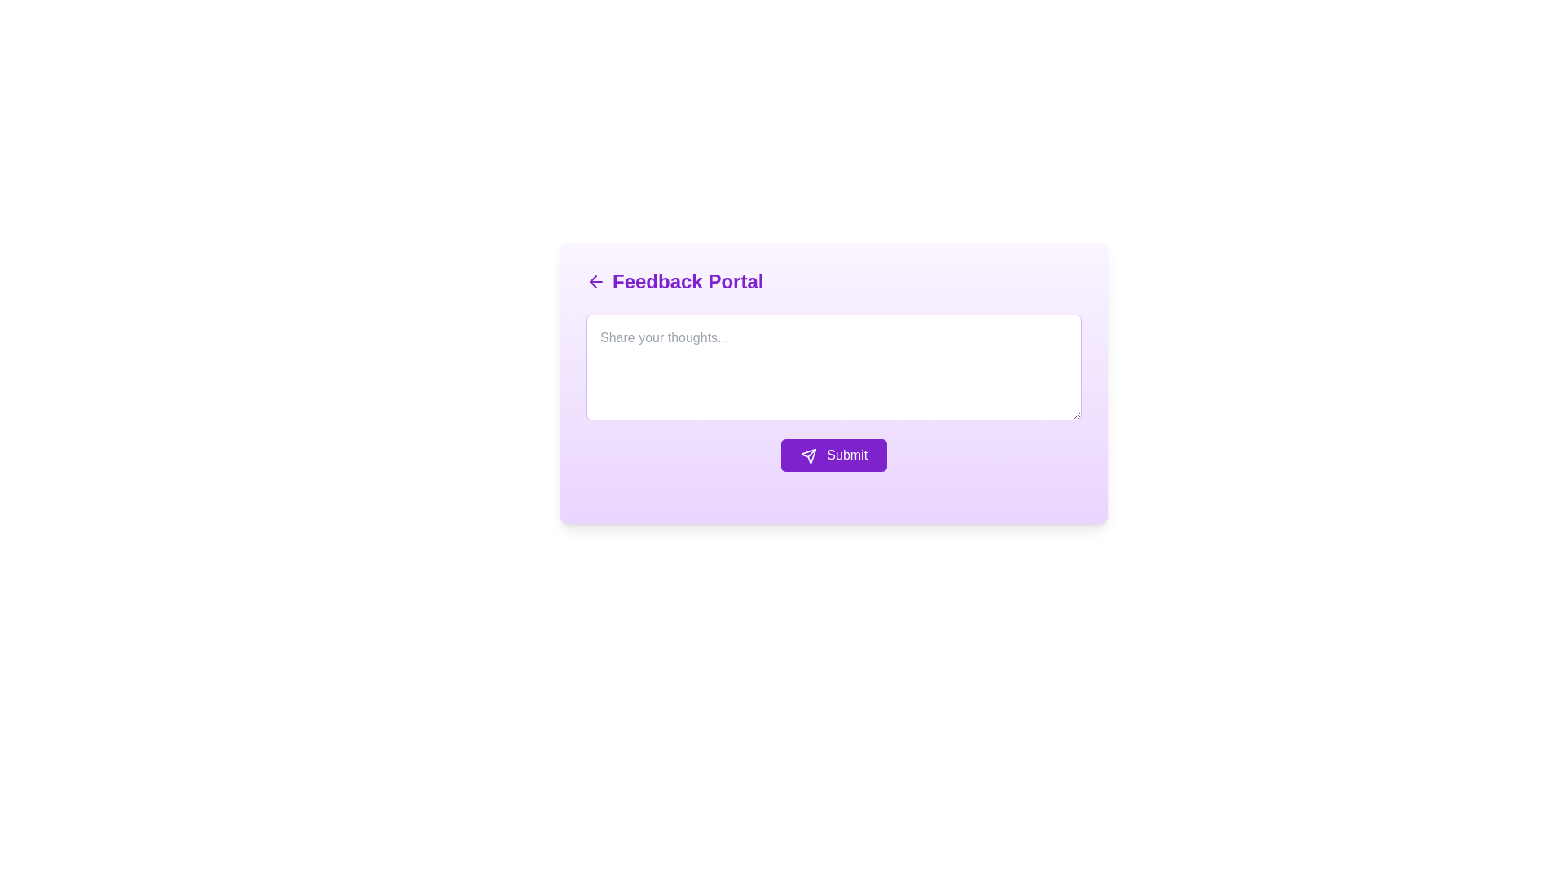 Image resolution: width=1564 pixels, height=880 pixels. I want to click on the submit icon located slightly to the left of the button text at the center bottom of the interface, which is used to submit the form, so click(808, 455).